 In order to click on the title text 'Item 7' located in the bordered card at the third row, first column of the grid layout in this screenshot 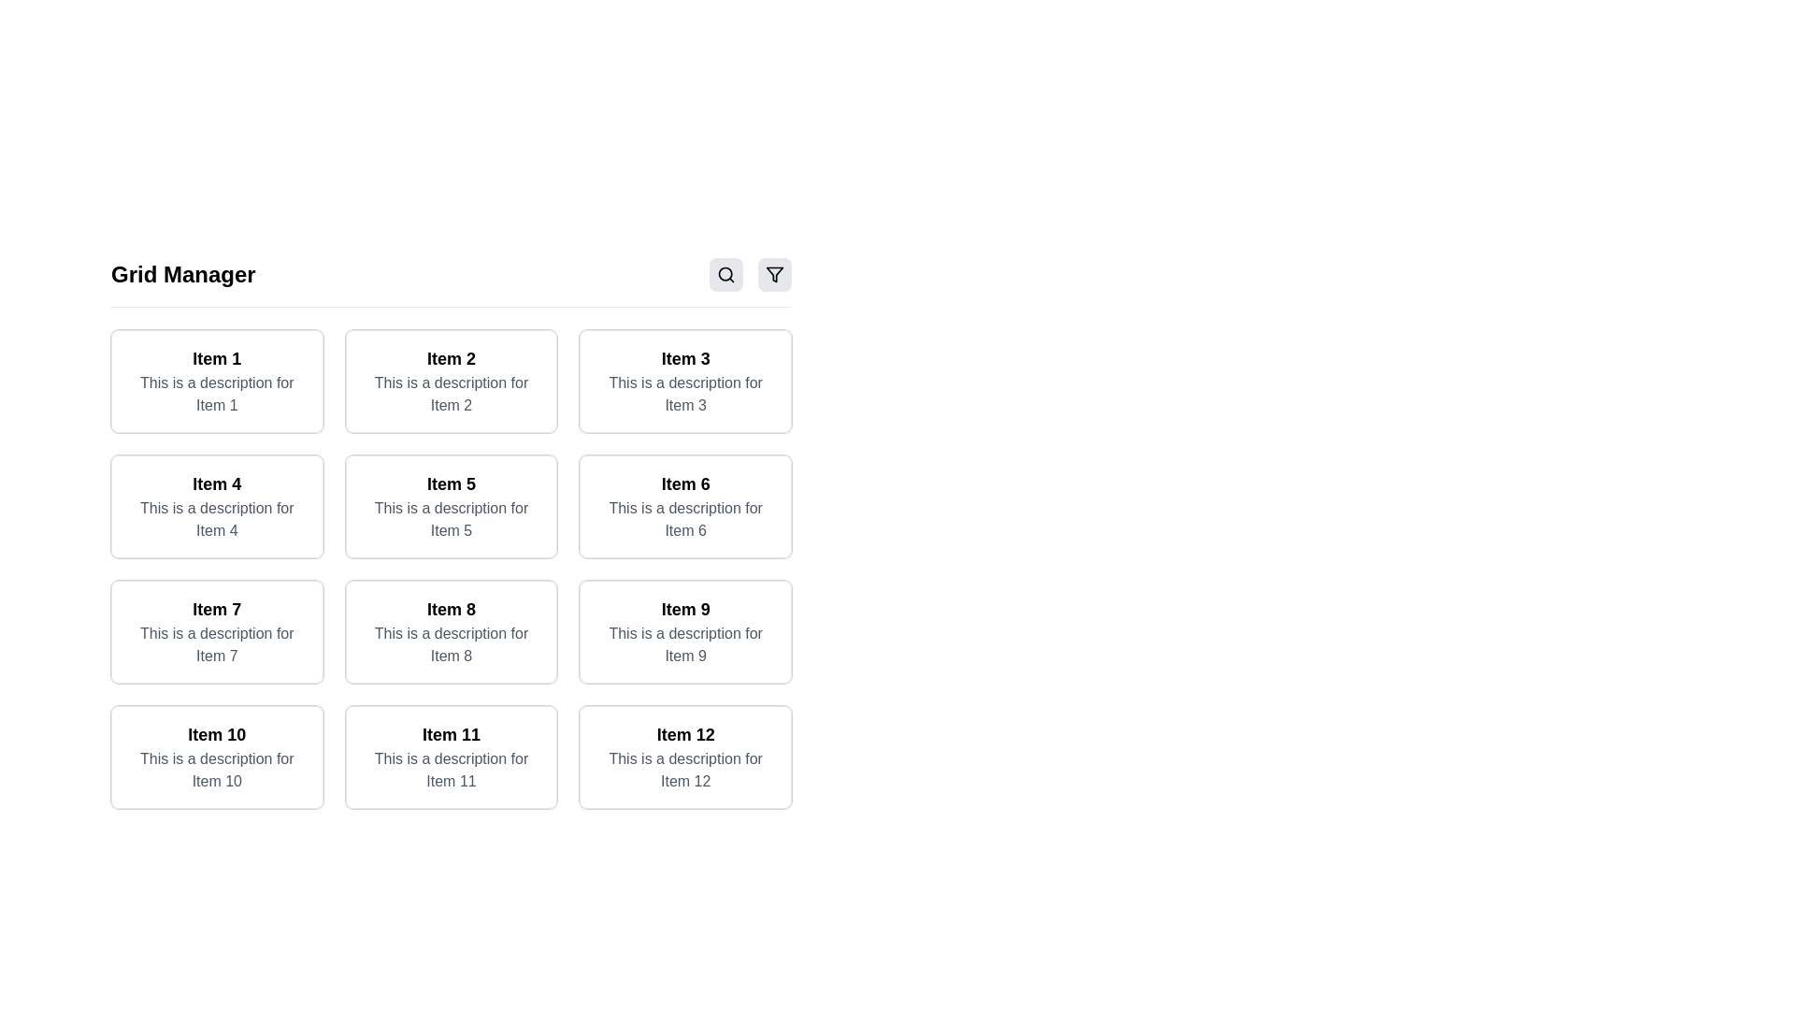, I will do `click(217, 609)`.